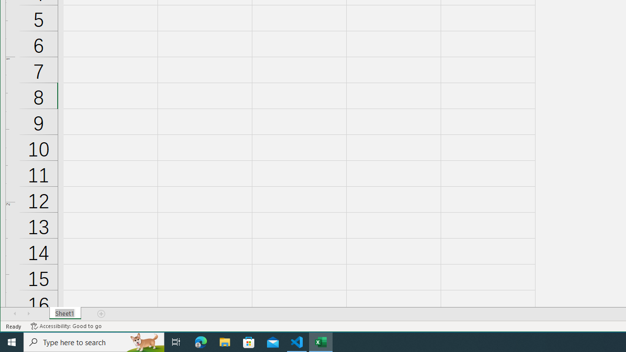  I want to click on 'Microsoft Store', so click(249, 341).